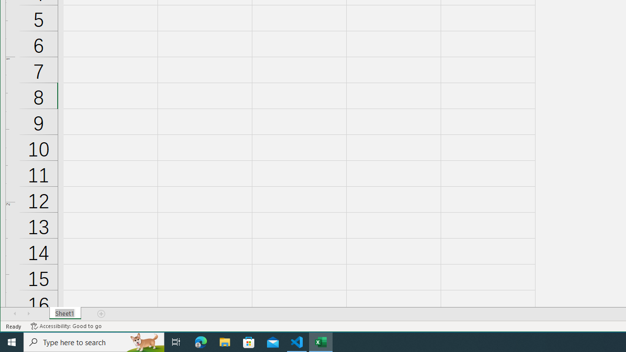  I want to click on 'Microsoft Store', so click(249, 341).